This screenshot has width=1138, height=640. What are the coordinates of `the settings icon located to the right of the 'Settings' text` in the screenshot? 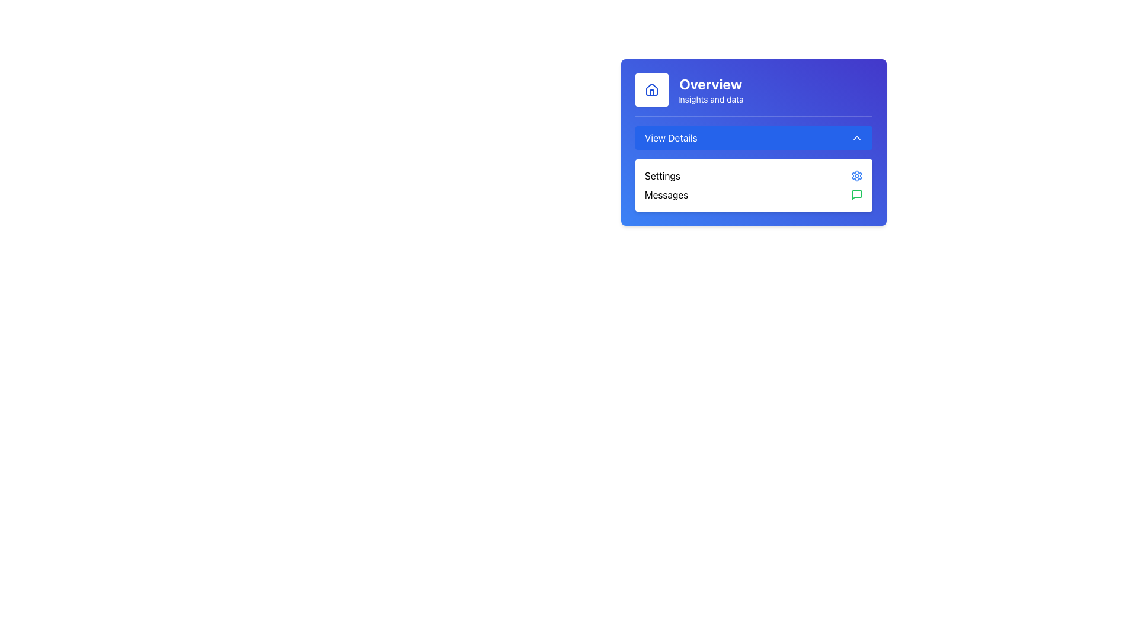 It's located at (856, 176).